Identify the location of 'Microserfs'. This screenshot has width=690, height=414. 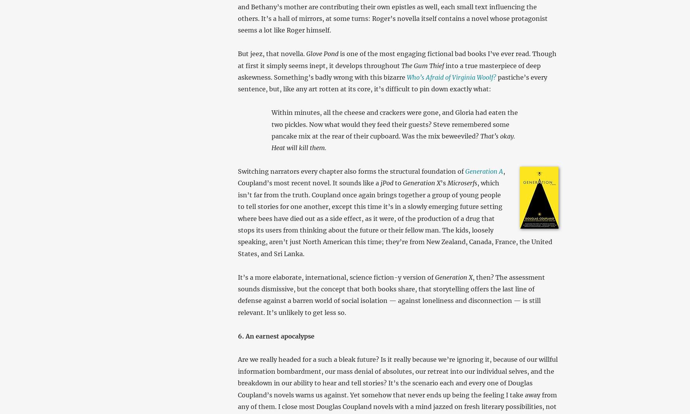
(462, 183).